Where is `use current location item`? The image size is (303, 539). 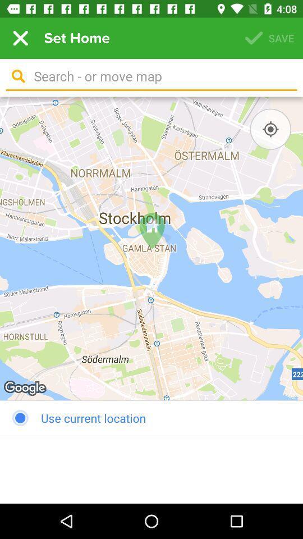 use current location item is located at coordinates (151, 417).